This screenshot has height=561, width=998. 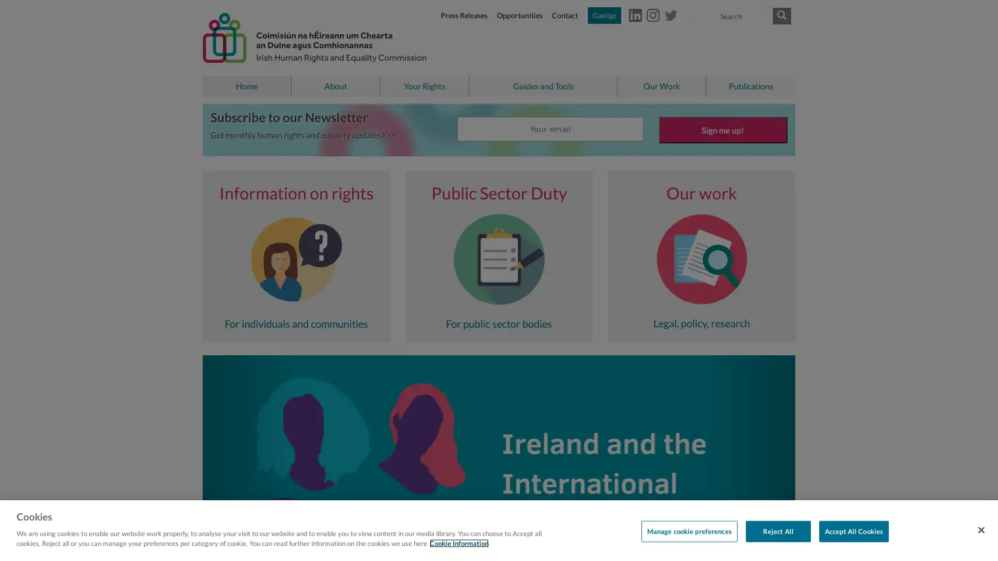 What do you see at coordinates (722, 129) in the screenshot?
I see `Sign me up!` at bounding box center [722, 129].